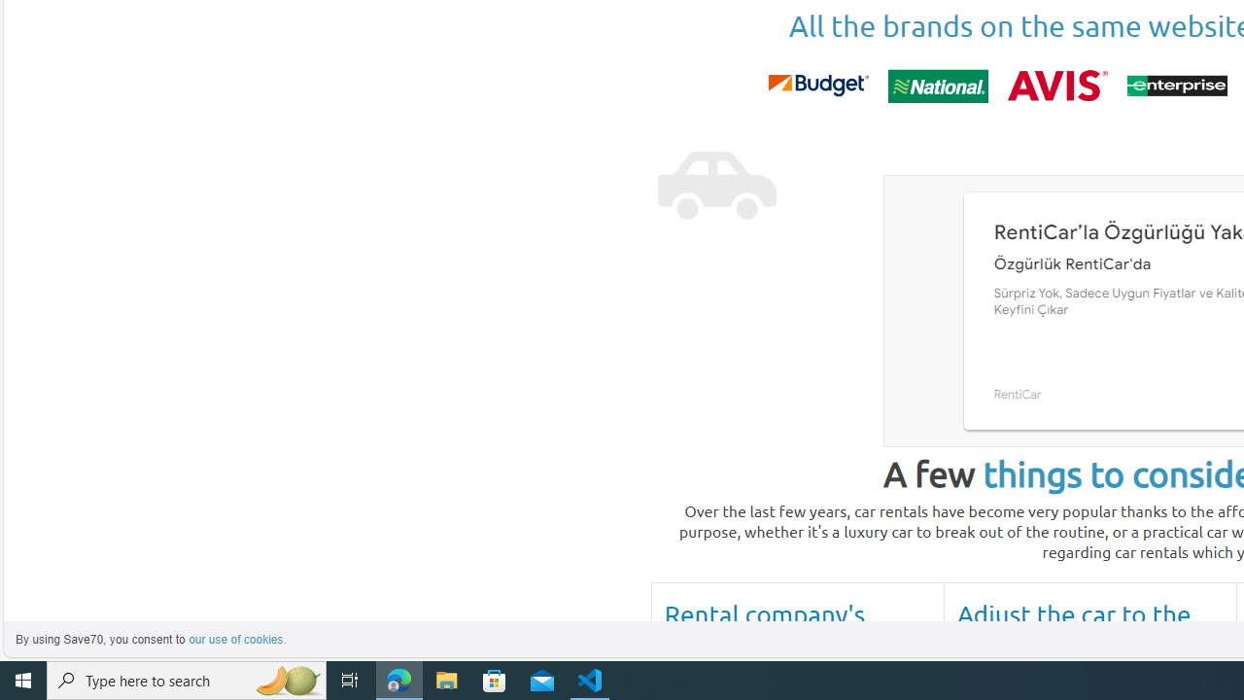 The width and height of the screenshot is (1244, 700). I want to click on 'avis', so click(1056, 85).